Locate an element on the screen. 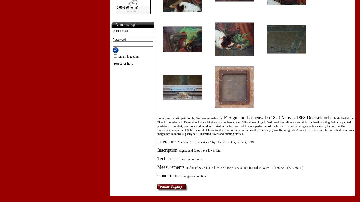  'User Email' is located at coordinates (120, 31).